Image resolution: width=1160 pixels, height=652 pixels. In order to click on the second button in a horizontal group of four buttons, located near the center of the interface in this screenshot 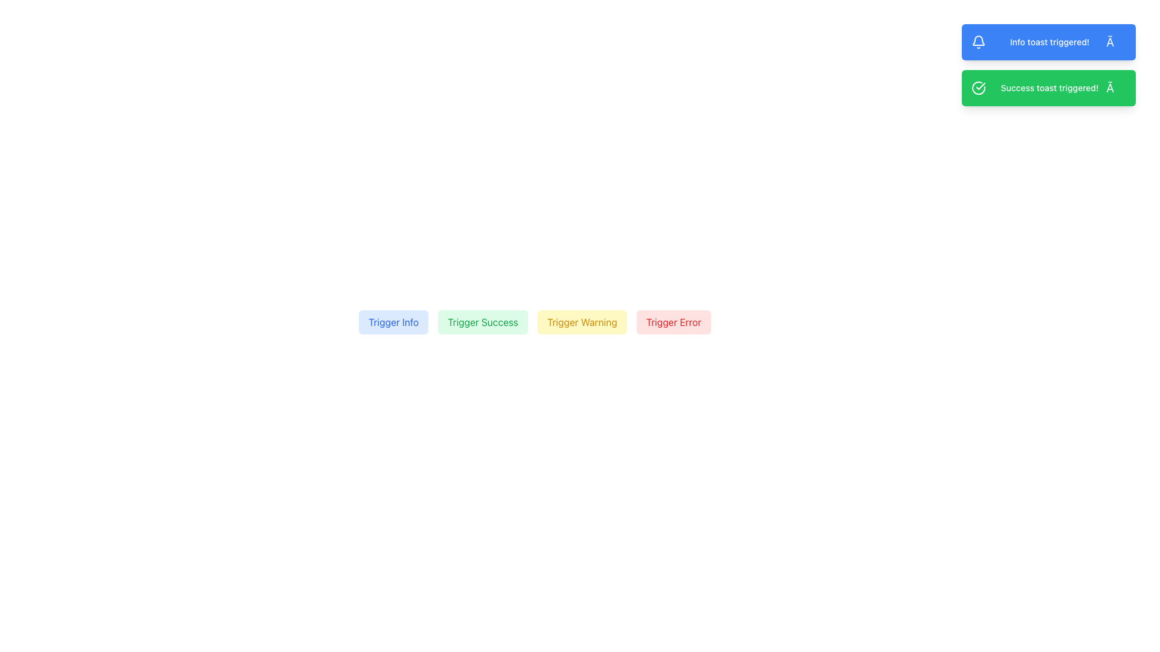, I will do `click(482, 321)`.